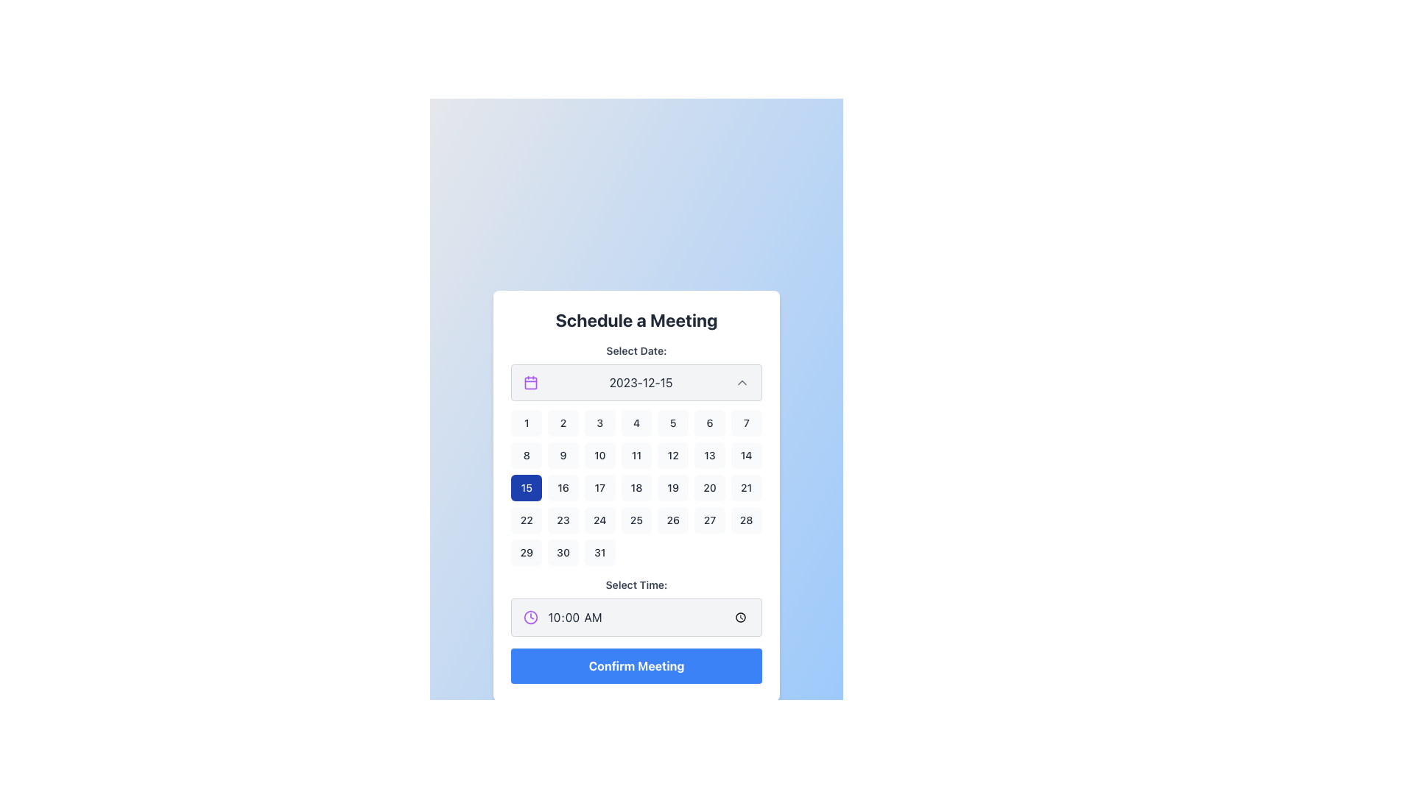 This screenshot has width=1414, height=795. What do you see at coordinates (636, 666) in the screenshot?
I see `the confirm button located at the bottom of the panel beneath the 'Select Time' section to confirm the meeting details` at bounding box center [636, 666].